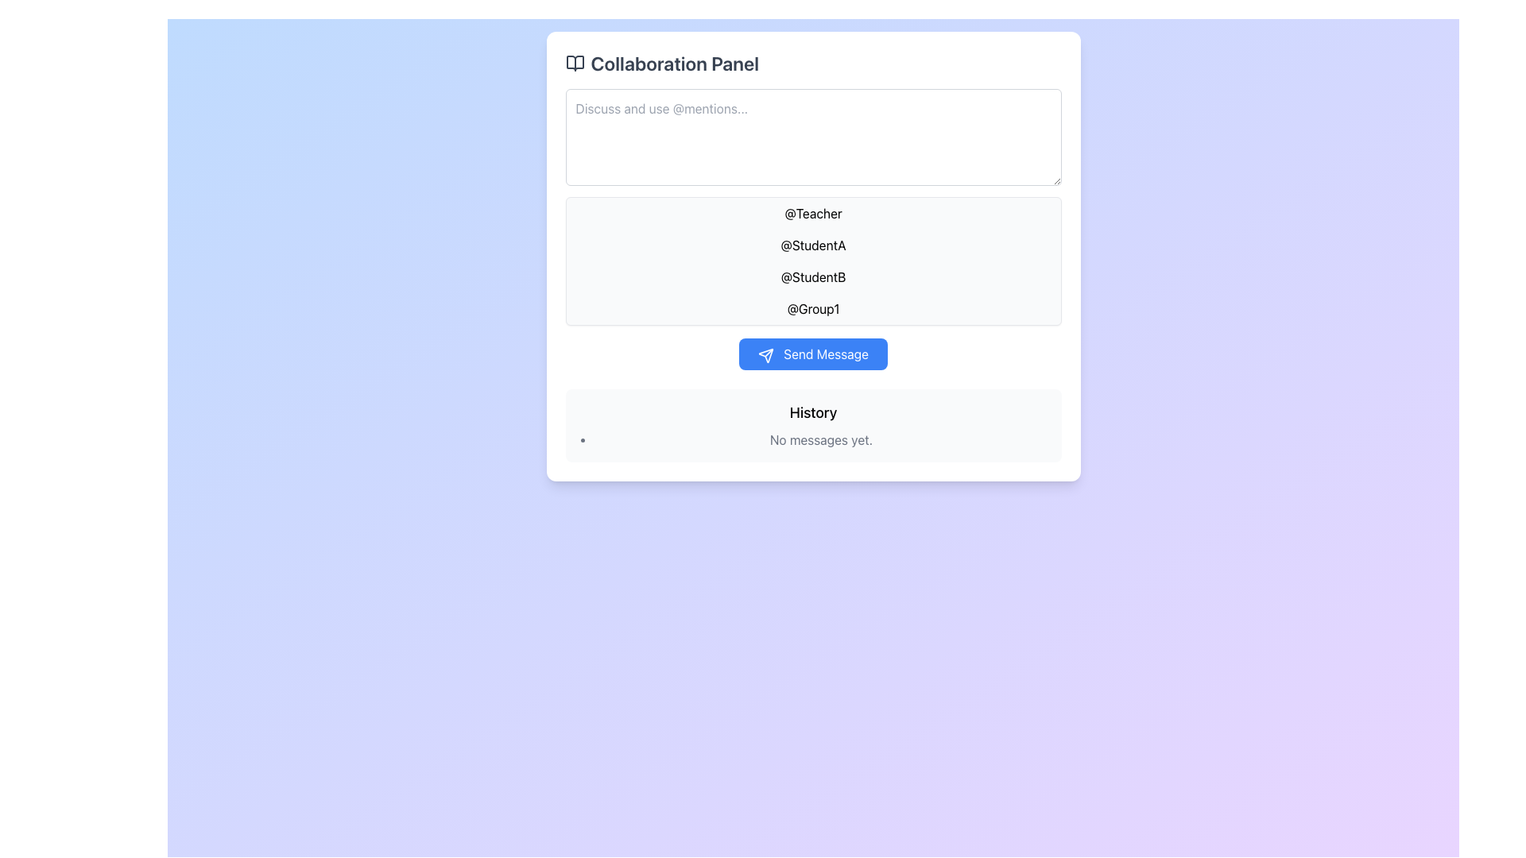  Describe the element at coordinates (813, 276) in the screenshot. I see `the List Item displaying '@StudentB'` at that location.